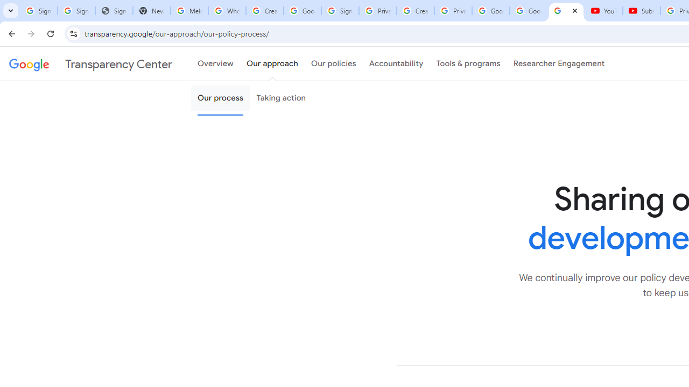  I want to click on 'Accountability', so click(396, 64).